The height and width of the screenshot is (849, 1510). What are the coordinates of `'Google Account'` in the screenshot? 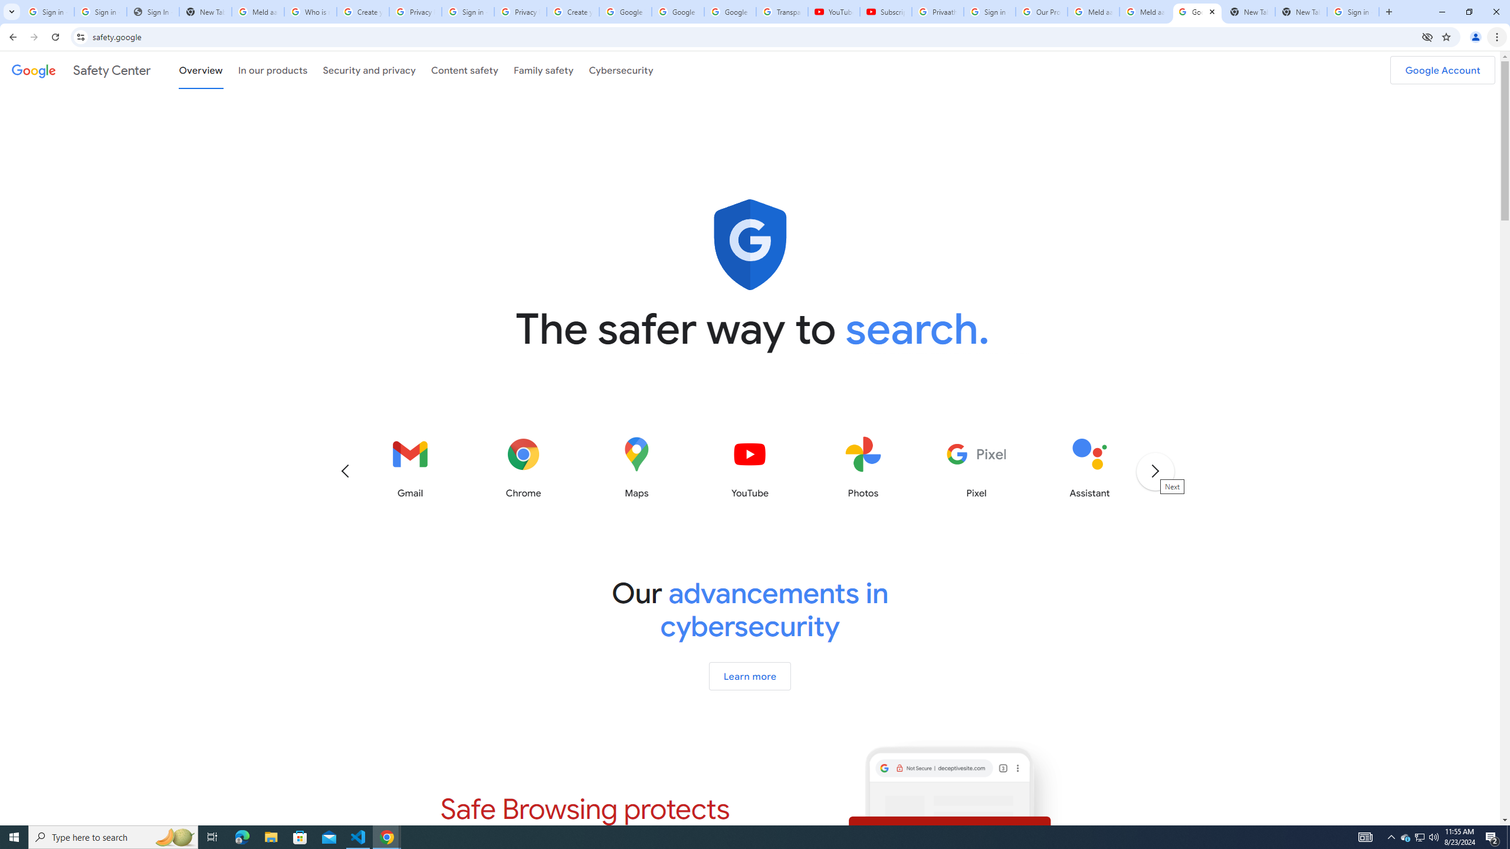 It's located at (1442, 70).